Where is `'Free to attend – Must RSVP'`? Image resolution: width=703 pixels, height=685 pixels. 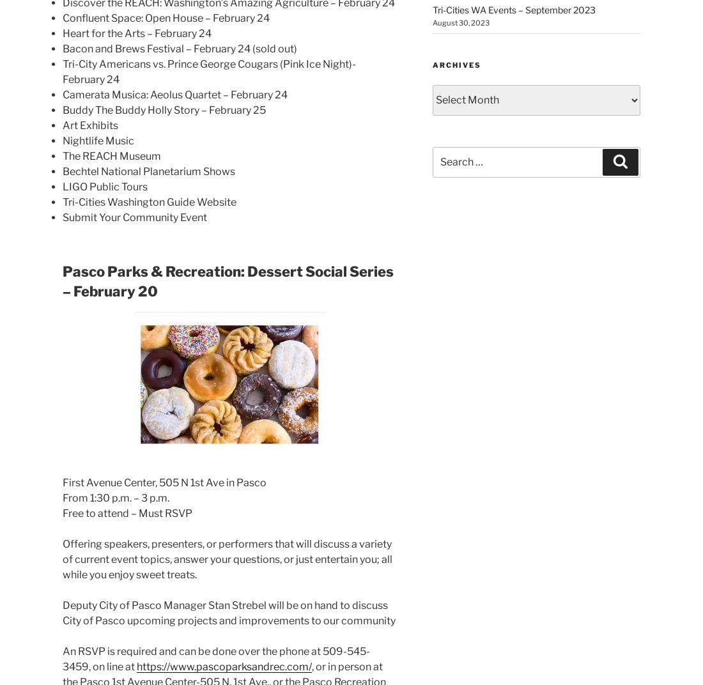 'Free to attend – Must RSVP' is located at coordinates (127, 513).